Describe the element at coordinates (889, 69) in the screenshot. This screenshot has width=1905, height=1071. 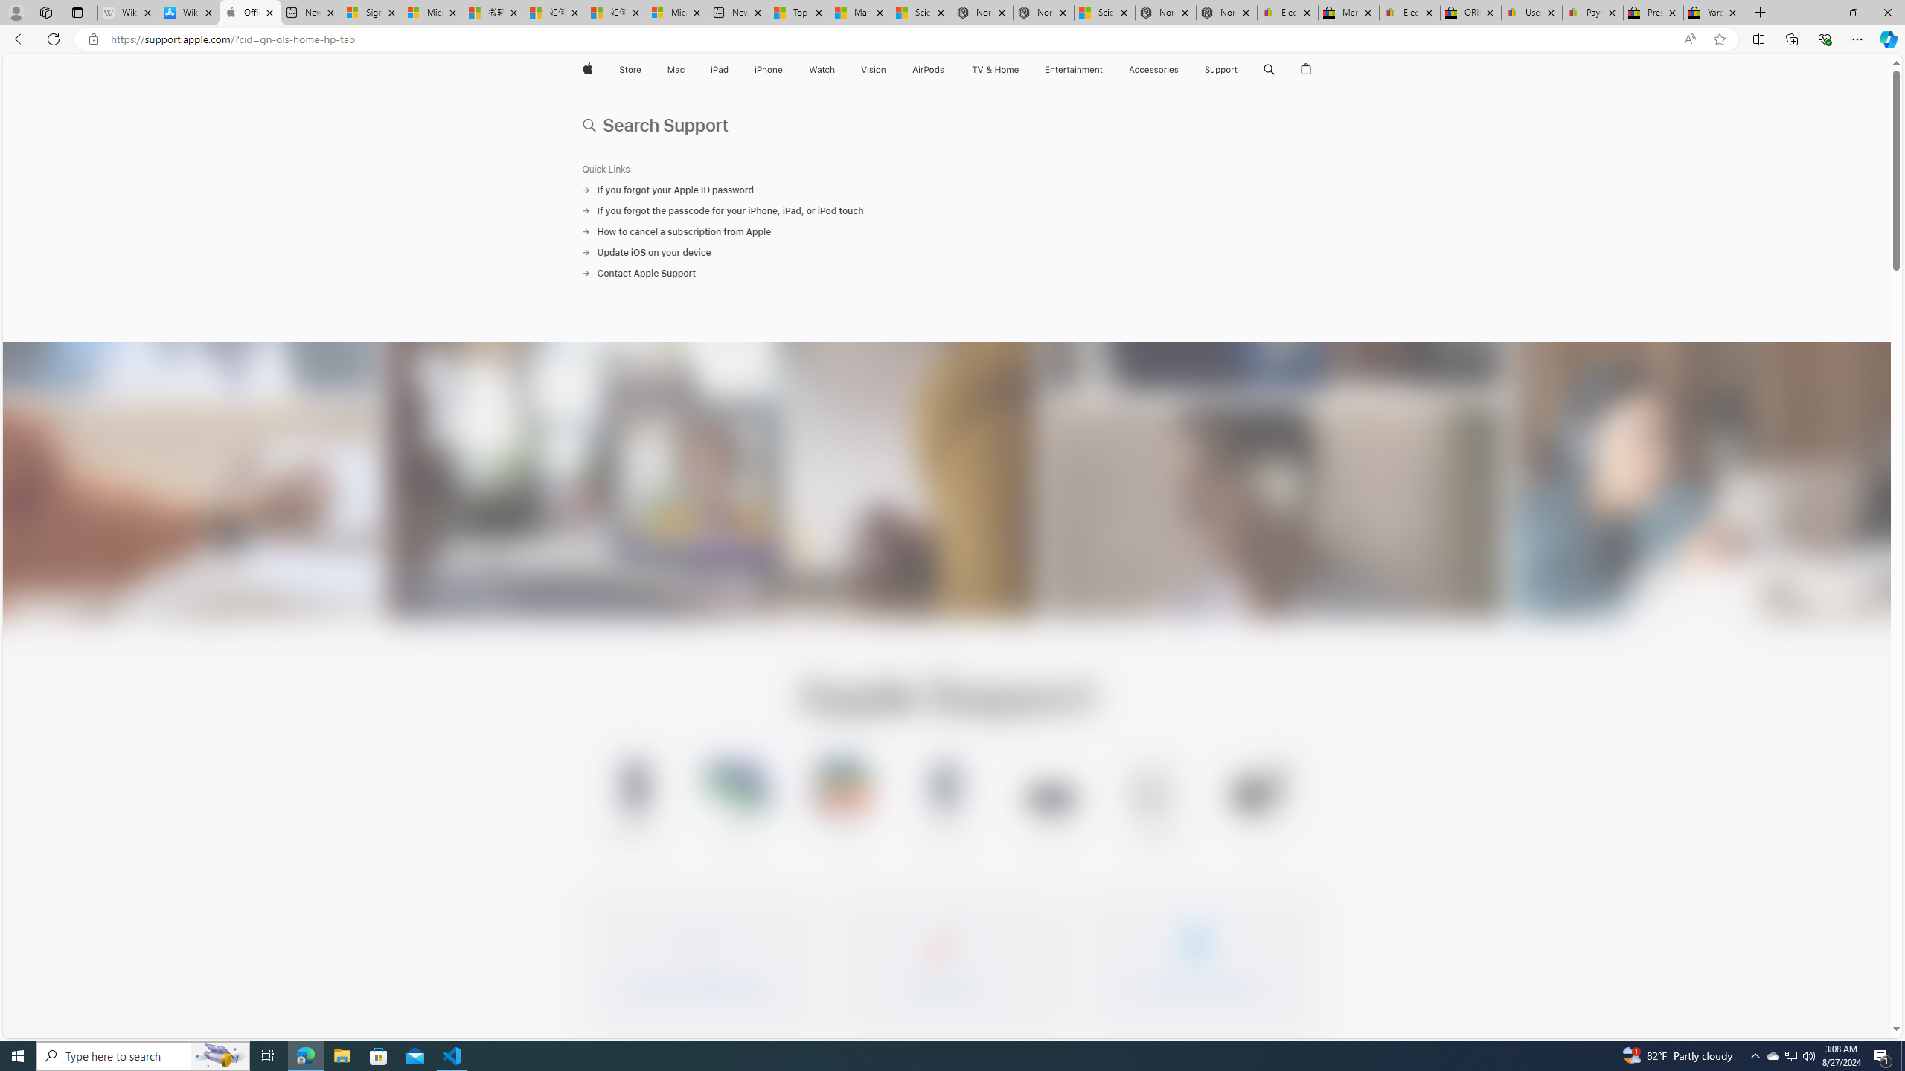
I see `'Vision menu'` at that location.